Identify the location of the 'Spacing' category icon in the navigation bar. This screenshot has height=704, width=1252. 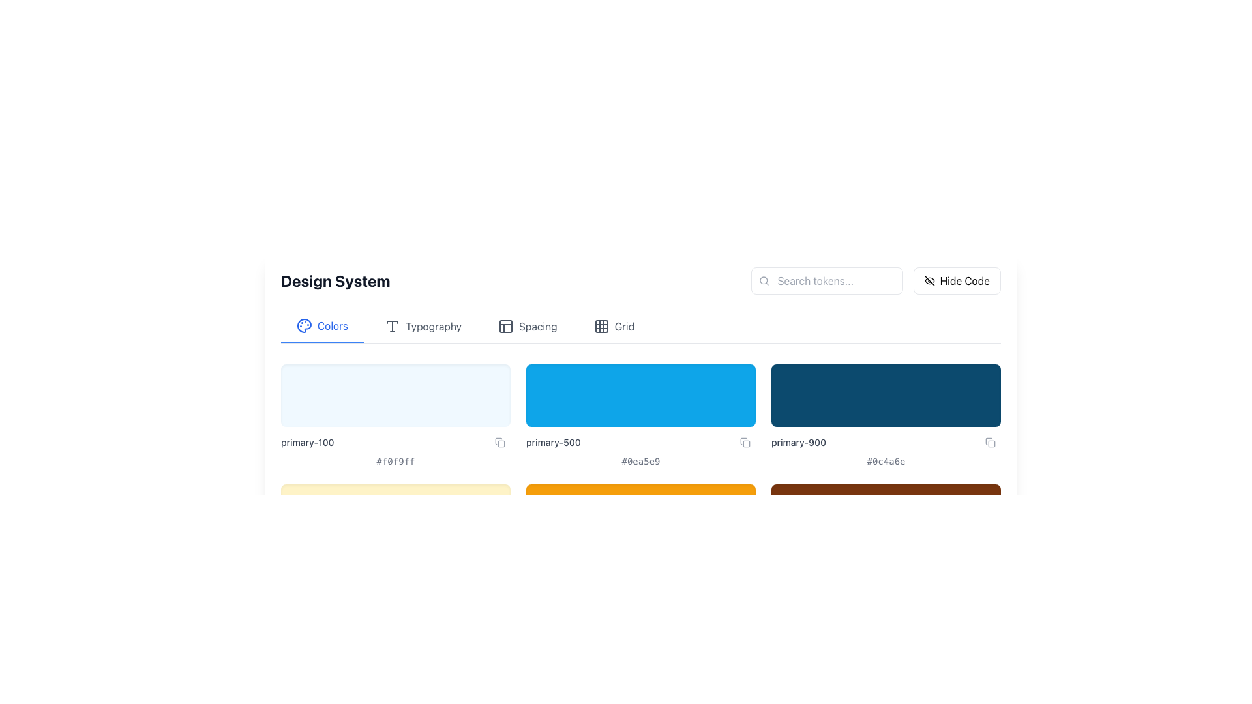
(505, 326).